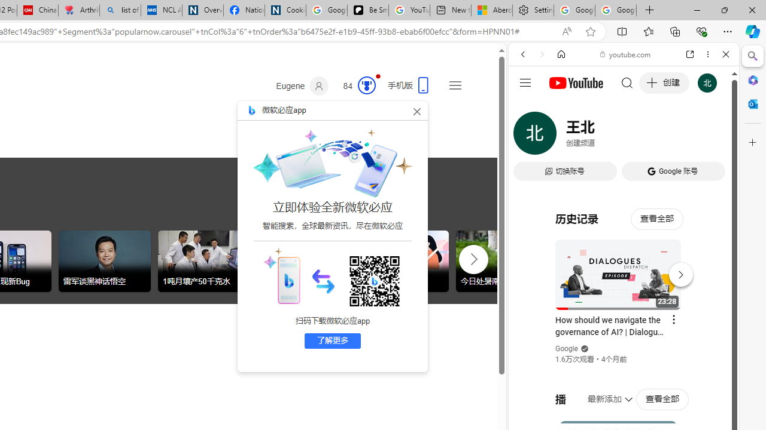  I want to click on 'Web scope', so click(527, 107).